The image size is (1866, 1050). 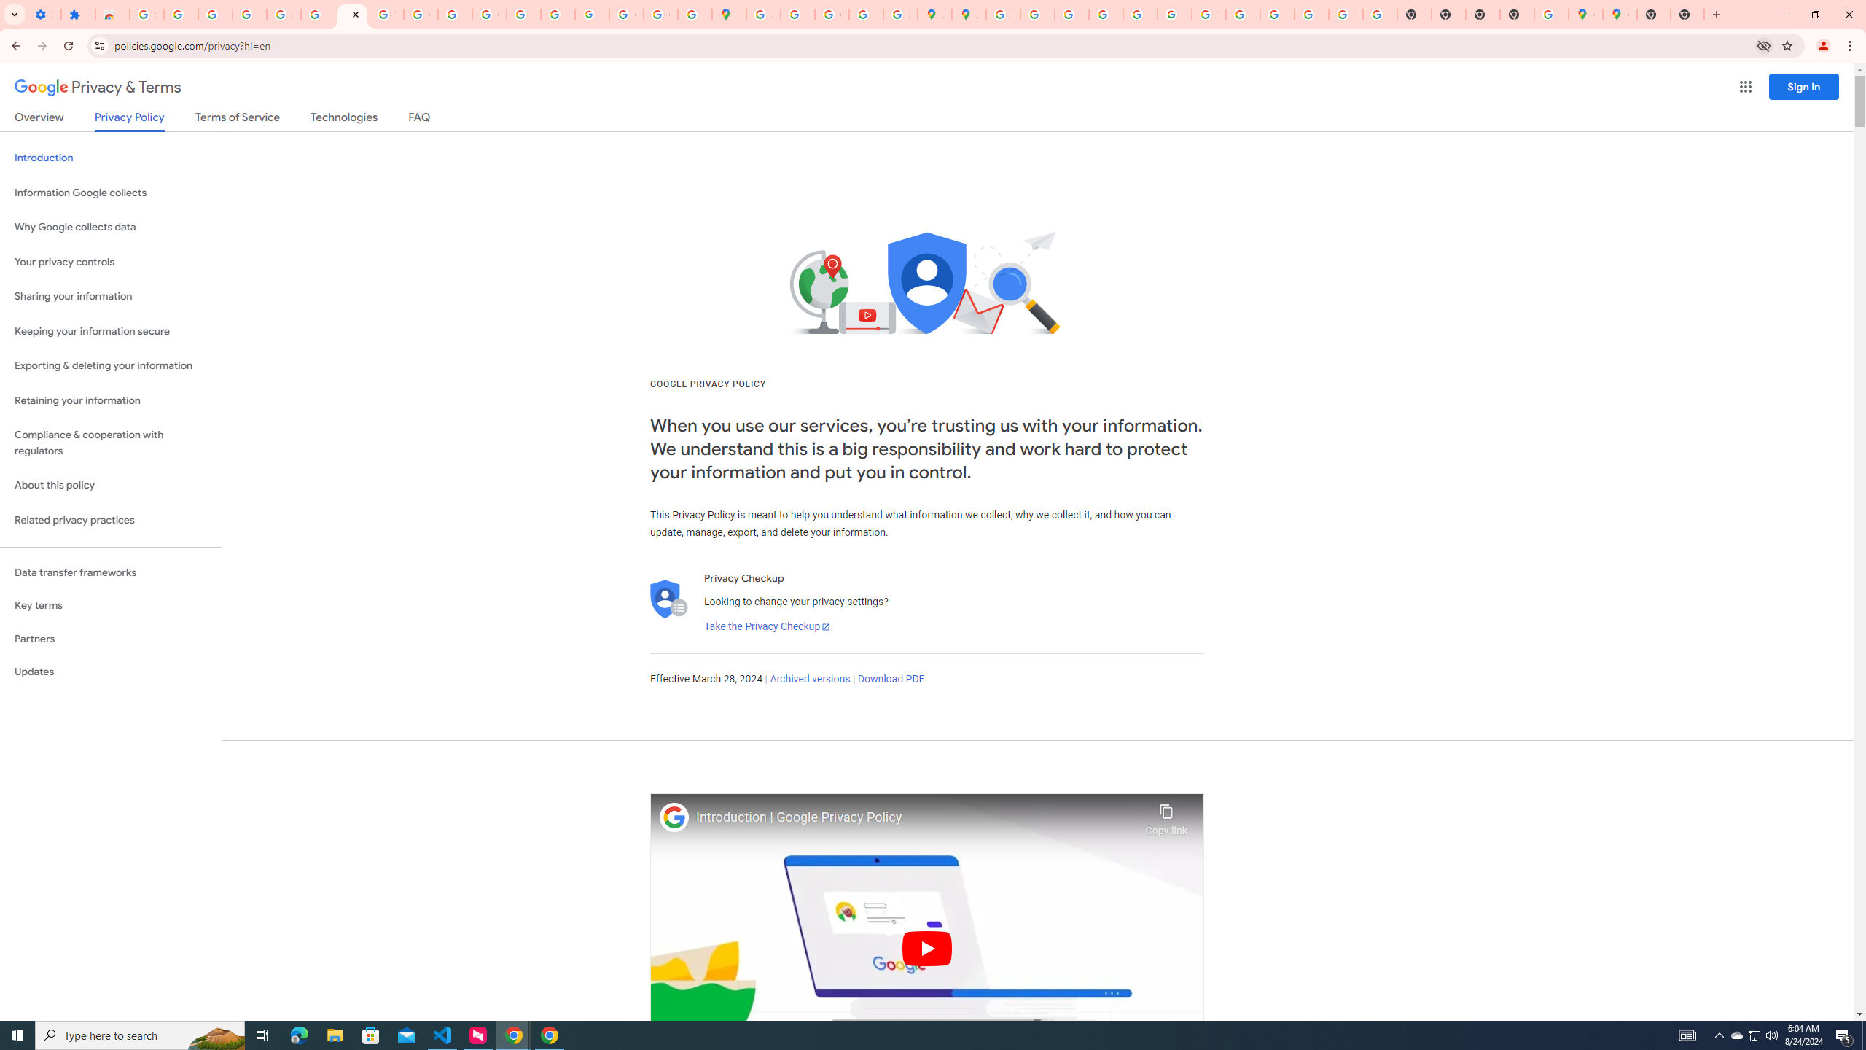 I want to click on 'Reviews: Helix Fruit Jump Arcade Game', so click(x=112, y=14).